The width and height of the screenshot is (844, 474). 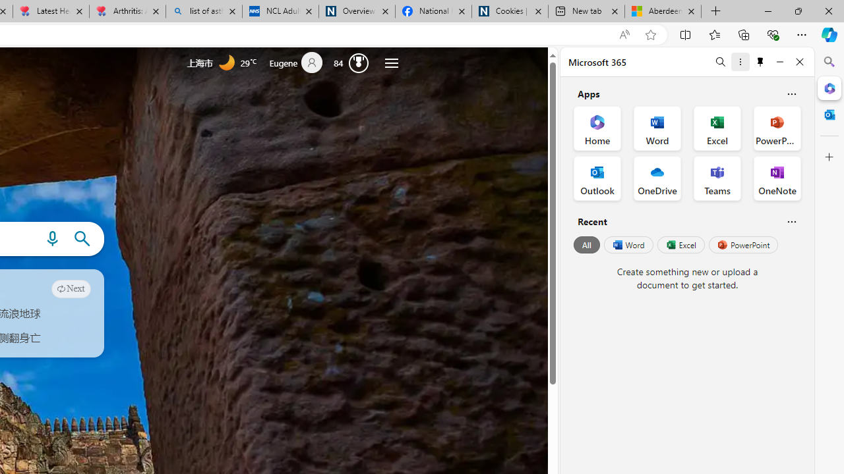 I want to click on 'Settings and quick links', so click(x=391, y=63).